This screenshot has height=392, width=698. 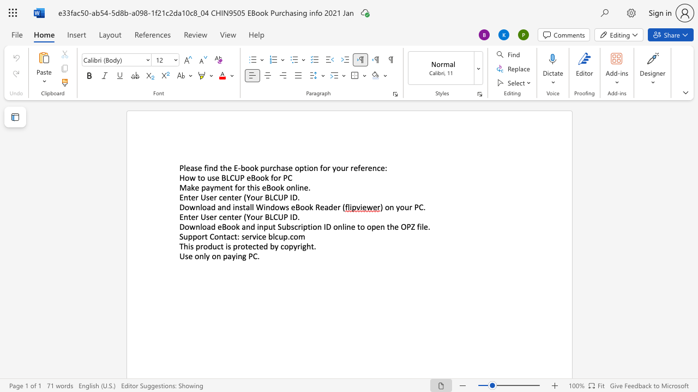 What do you see at coordinates (250, 226) in the screenshot?
I see `the subset text "d input Subscr" within the text "Download eBook and input Subscription ID online to open the OPZ file."` at bounding box center [250, 226].